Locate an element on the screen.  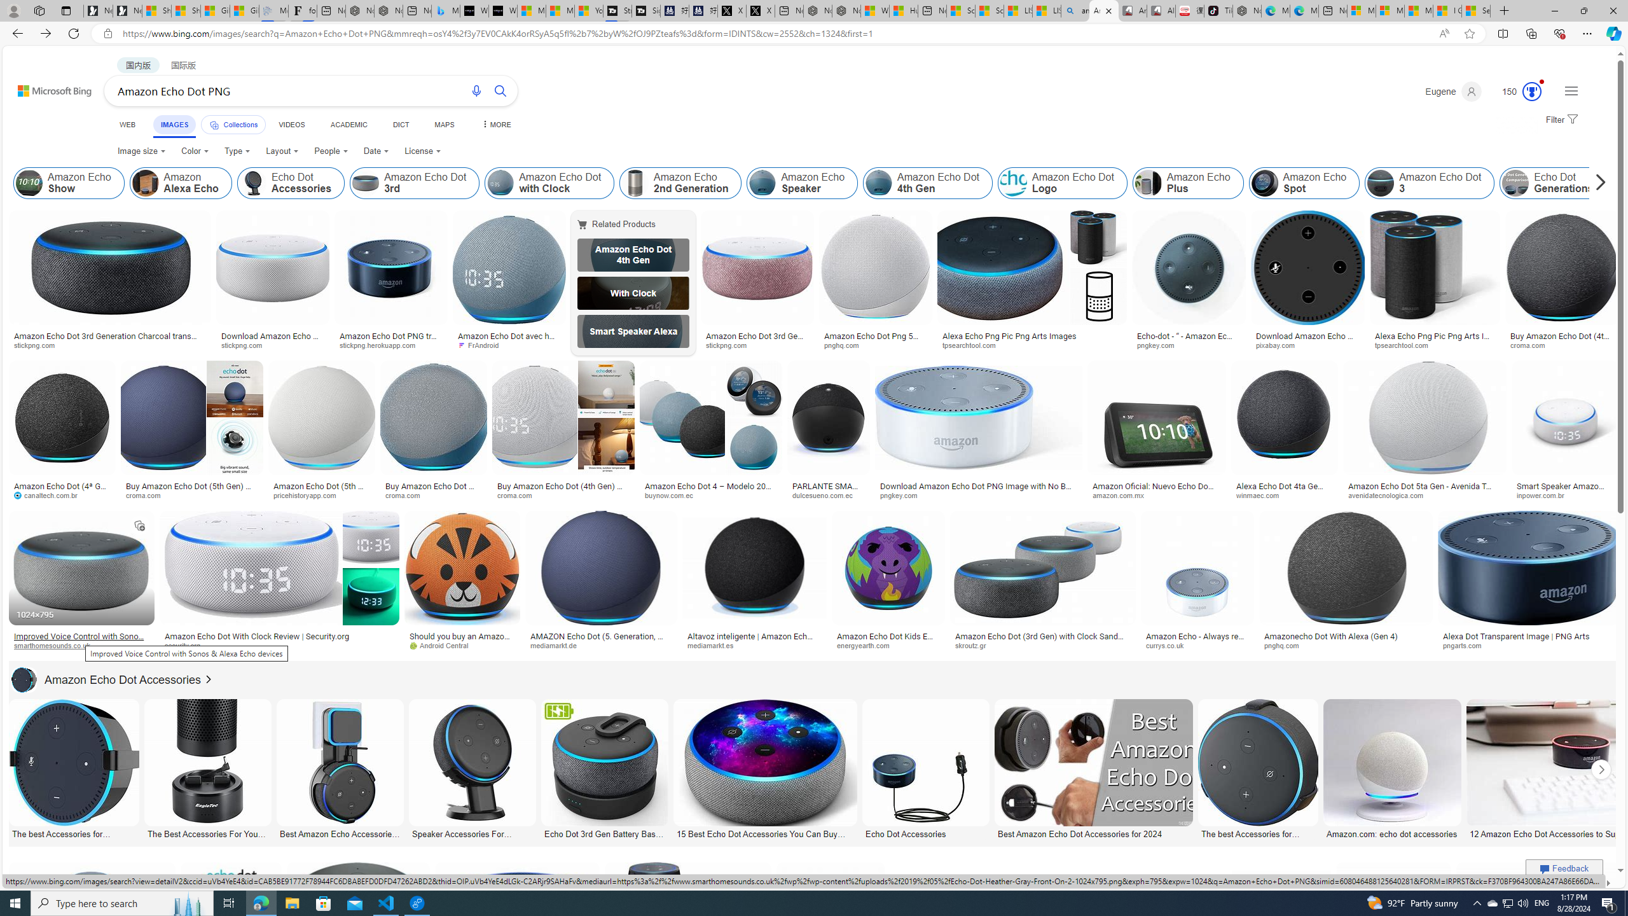
'Nordace - Summer Adventures 2024' is located at coordinates (846, 10).